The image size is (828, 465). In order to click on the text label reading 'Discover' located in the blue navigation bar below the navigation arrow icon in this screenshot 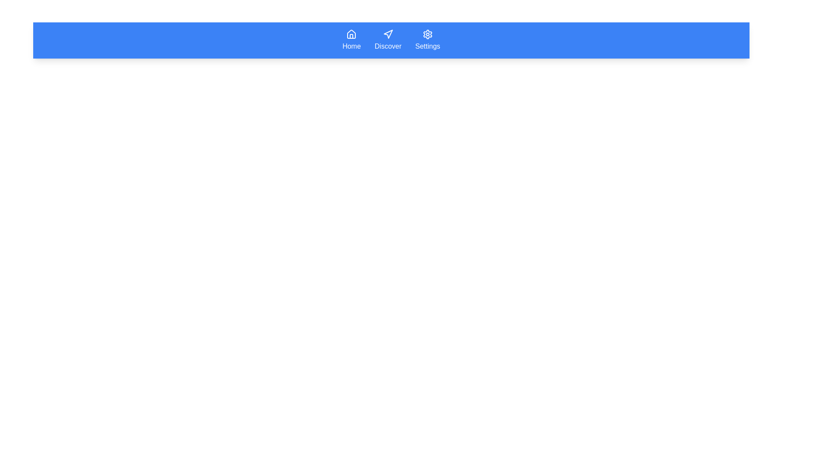, I will do `click(387, 46)`.